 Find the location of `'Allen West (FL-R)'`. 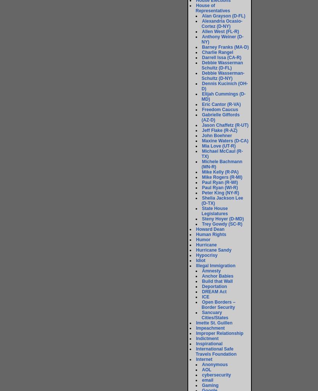

'Allen West (FL-R)' is located at coordinates (220, 31).